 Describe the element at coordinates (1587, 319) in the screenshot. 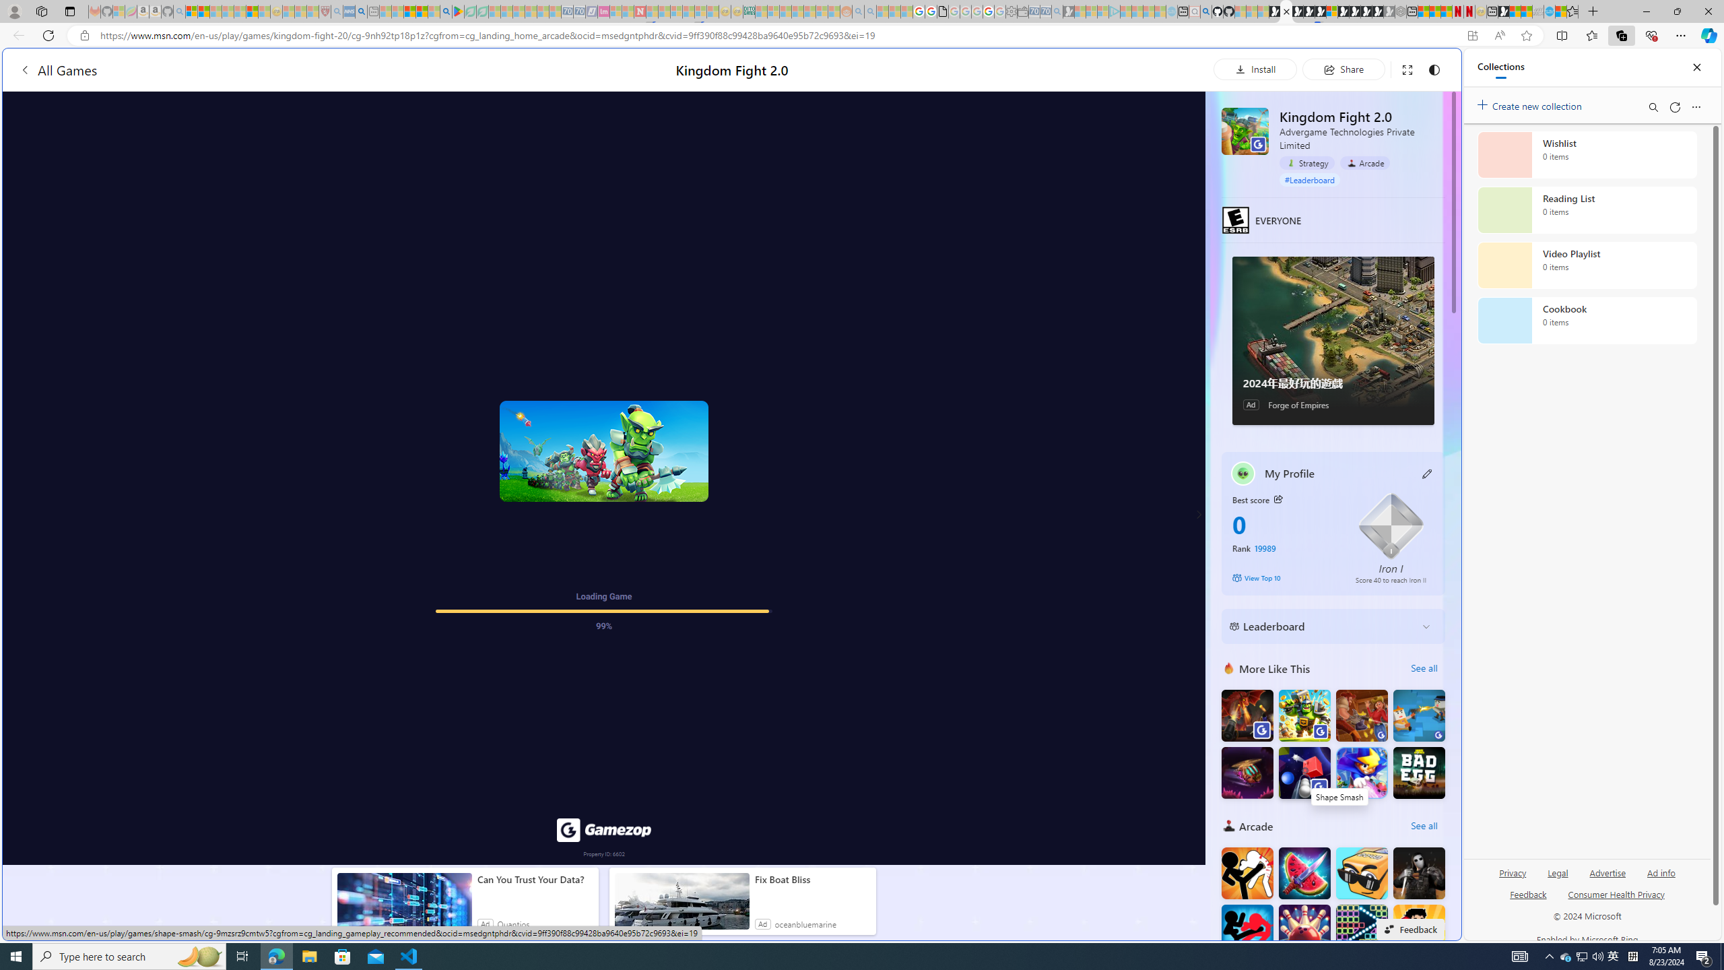

I see `'Cookbook collection, 0 items'` at that location.